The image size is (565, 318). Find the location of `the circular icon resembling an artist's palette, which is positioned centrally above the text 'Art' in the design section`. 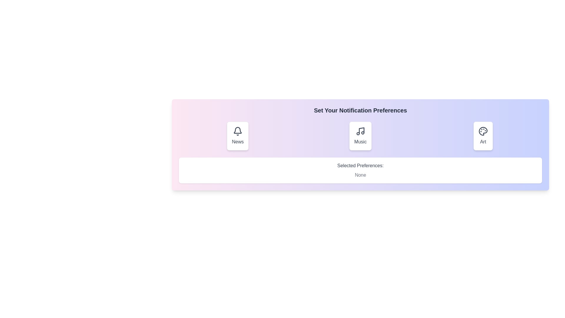

the circular icon resembling an artist's palette, which is positioned centrally above the text 'Art' in the design section is located at coordinates (483, 131).